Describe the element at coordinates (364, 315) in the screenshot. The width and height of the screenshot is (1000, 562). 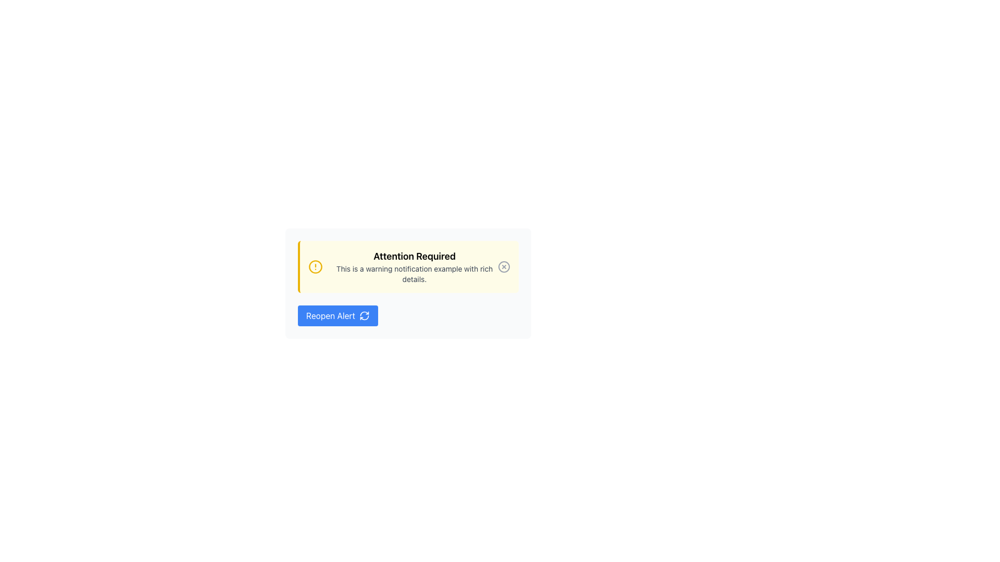
I see `the circular arrow icon located inside the blue 'Reopen Alert' button at the bottom of the notification card` at that location.